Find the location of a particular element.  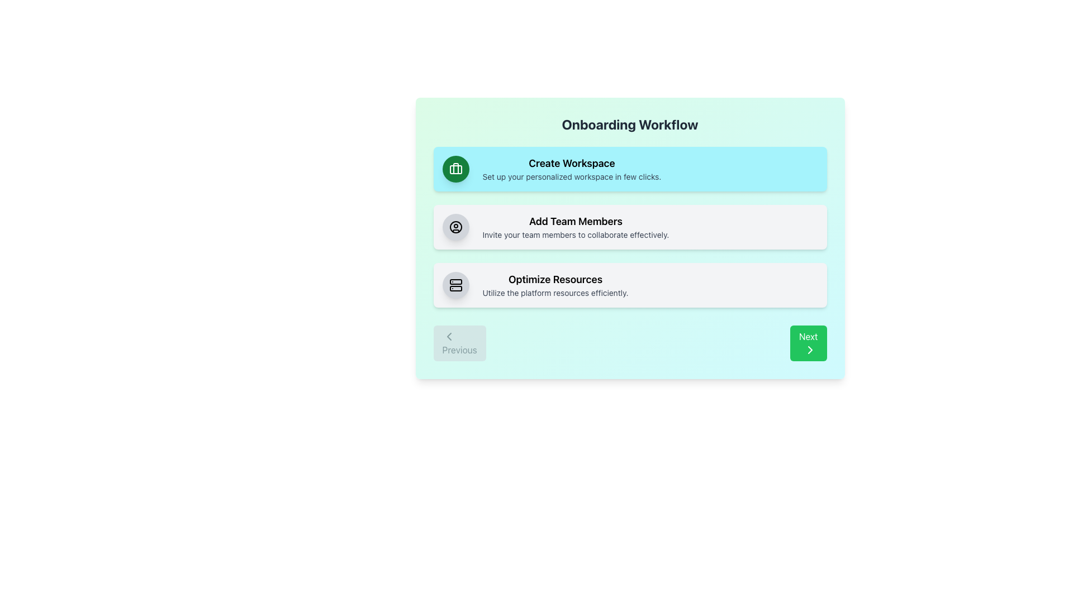

the primary text label of the onboarding section, which indicates the step's purpose within the workflow is located at coordinates (572, 164).